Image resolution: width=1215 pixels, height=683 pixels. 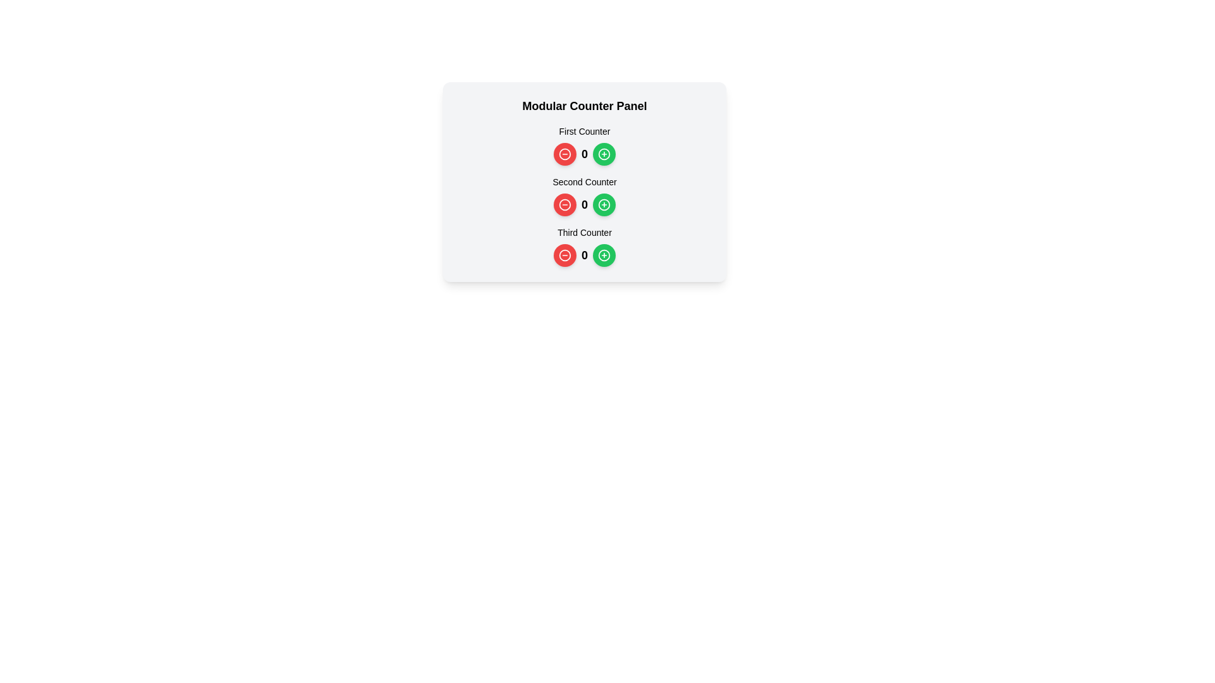 I want to click on the increment button associated with the counter, which is the third button in the second counter group's layout, to observe the hover effects, so click(x=604, y=204).